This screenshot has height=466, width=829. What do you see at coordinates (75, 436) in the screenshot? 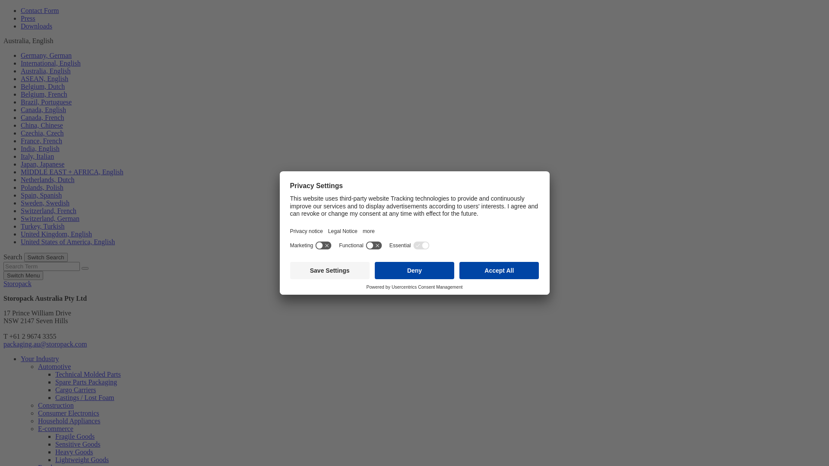
I see `'Fragile Goods'` at bounding box center [75, 436].